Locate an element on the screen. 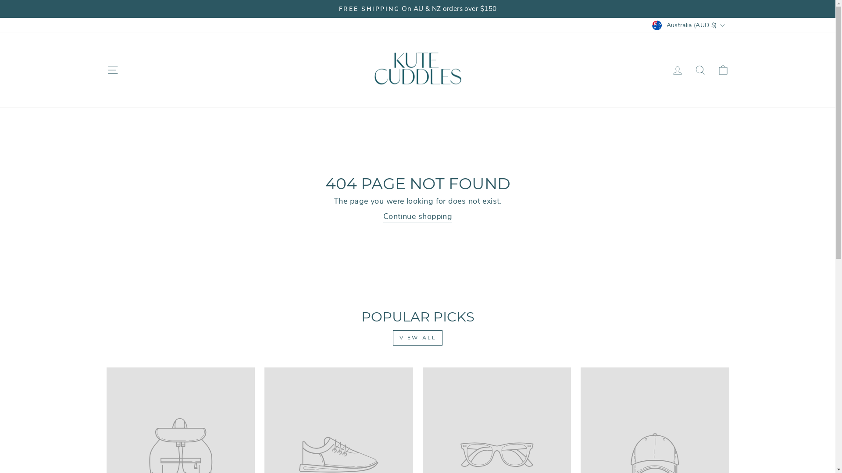 This screenshot has width=842, height=473. 'VIEW ALL' is located at coordinates (417, 337).